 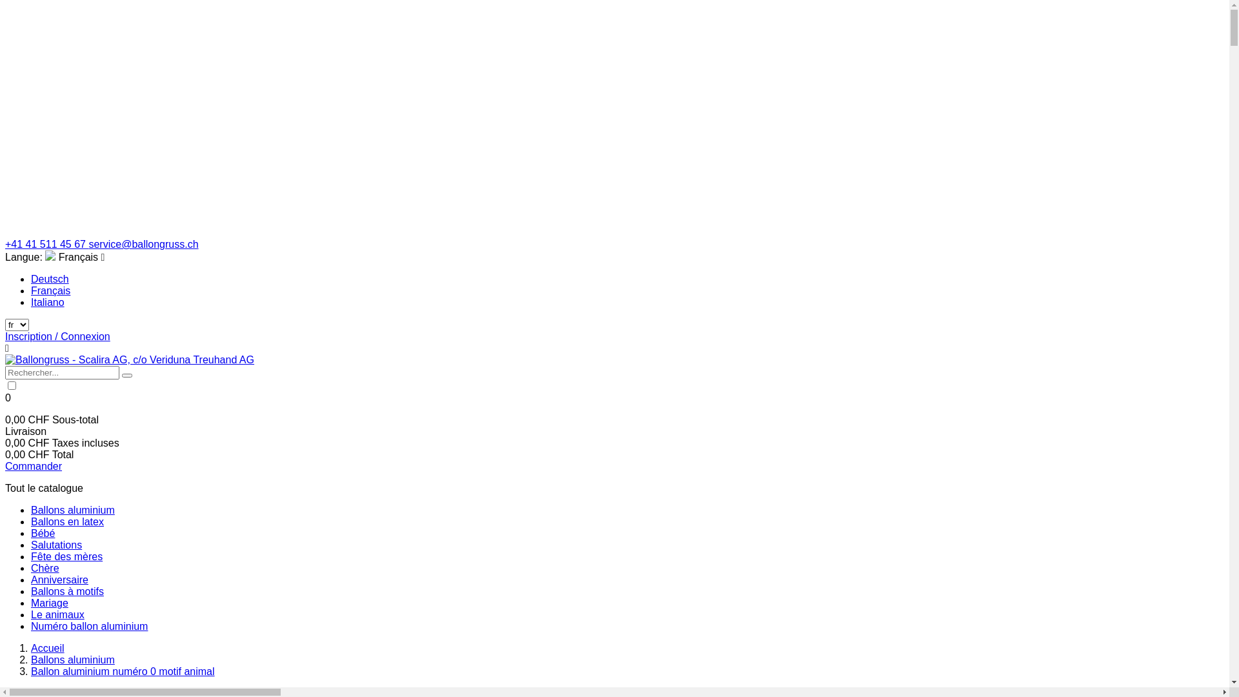 What do you see at coordinates (72, 660) in the screenshot?
I see `'Ballons aluminium'` at bounding box center [72, 660].